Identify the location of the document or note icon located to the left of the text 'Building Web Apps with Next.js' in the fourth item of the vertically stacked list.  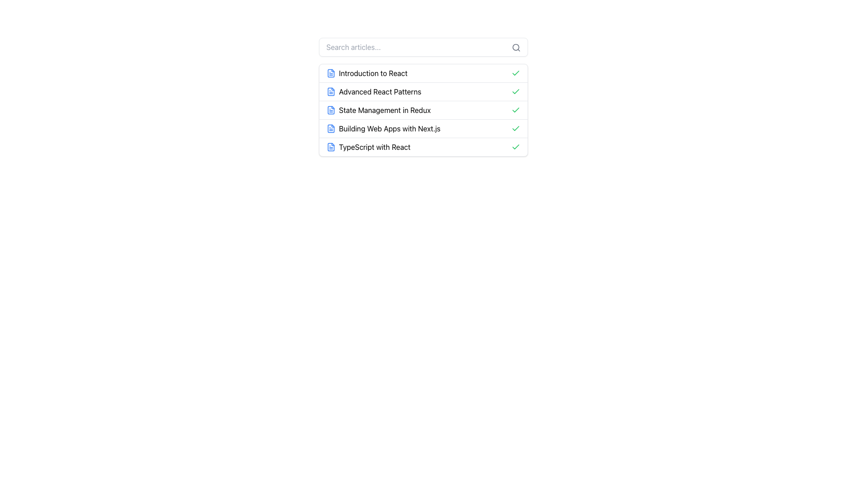
(330, 128).